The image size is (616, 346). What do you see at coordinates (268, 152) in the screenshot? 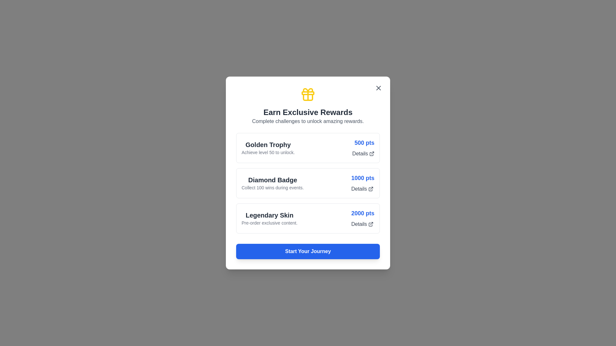
I see `descriptive text located below the 'Golden Trophy' label, which provides information about the criteria for unlocking the reward` at bounding box center [268, 152].